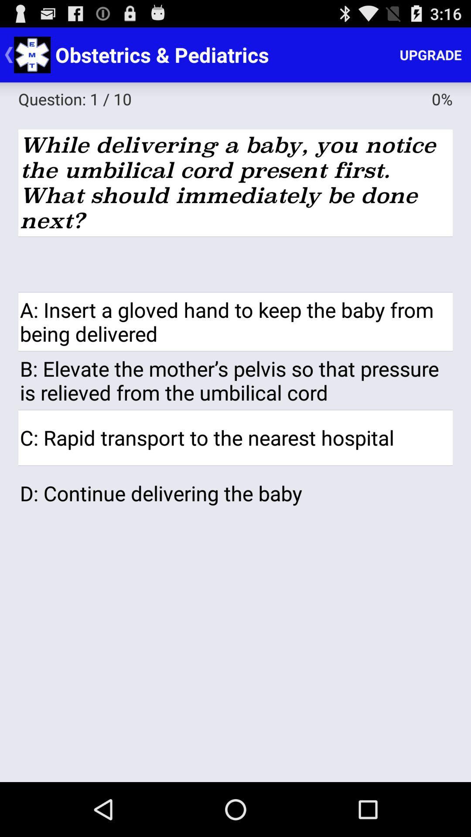  Describe the element at coordinates (430, 54) in the screenshot. I see `the app to the right of the obstetrics & pediatrics` at that location.